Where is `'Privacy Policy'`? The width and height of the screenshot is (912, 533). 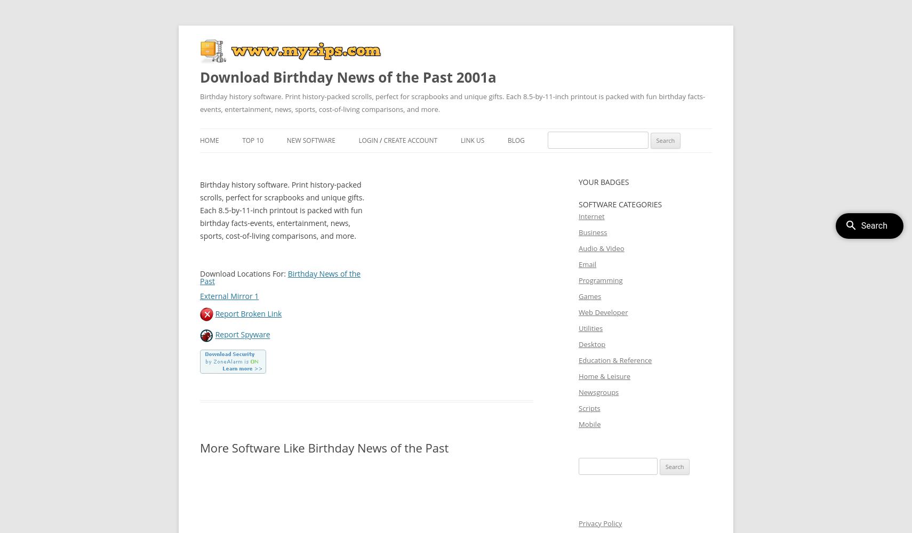
'Privacy Policy' is located at coordinates (578, 523).